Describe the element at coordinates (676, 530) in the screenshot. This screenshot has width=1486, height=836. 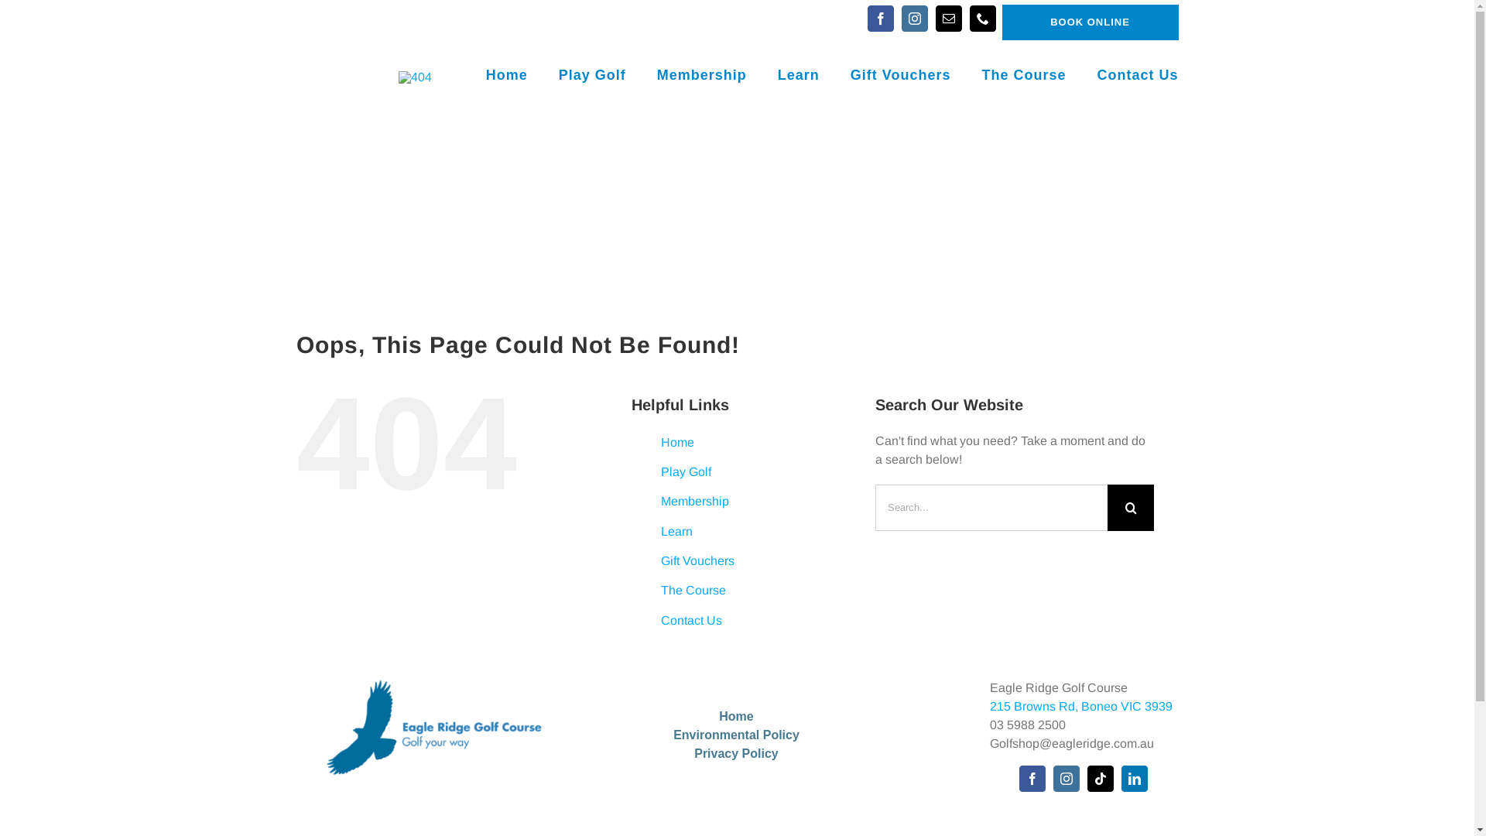
I see `'Learn'` at that location.